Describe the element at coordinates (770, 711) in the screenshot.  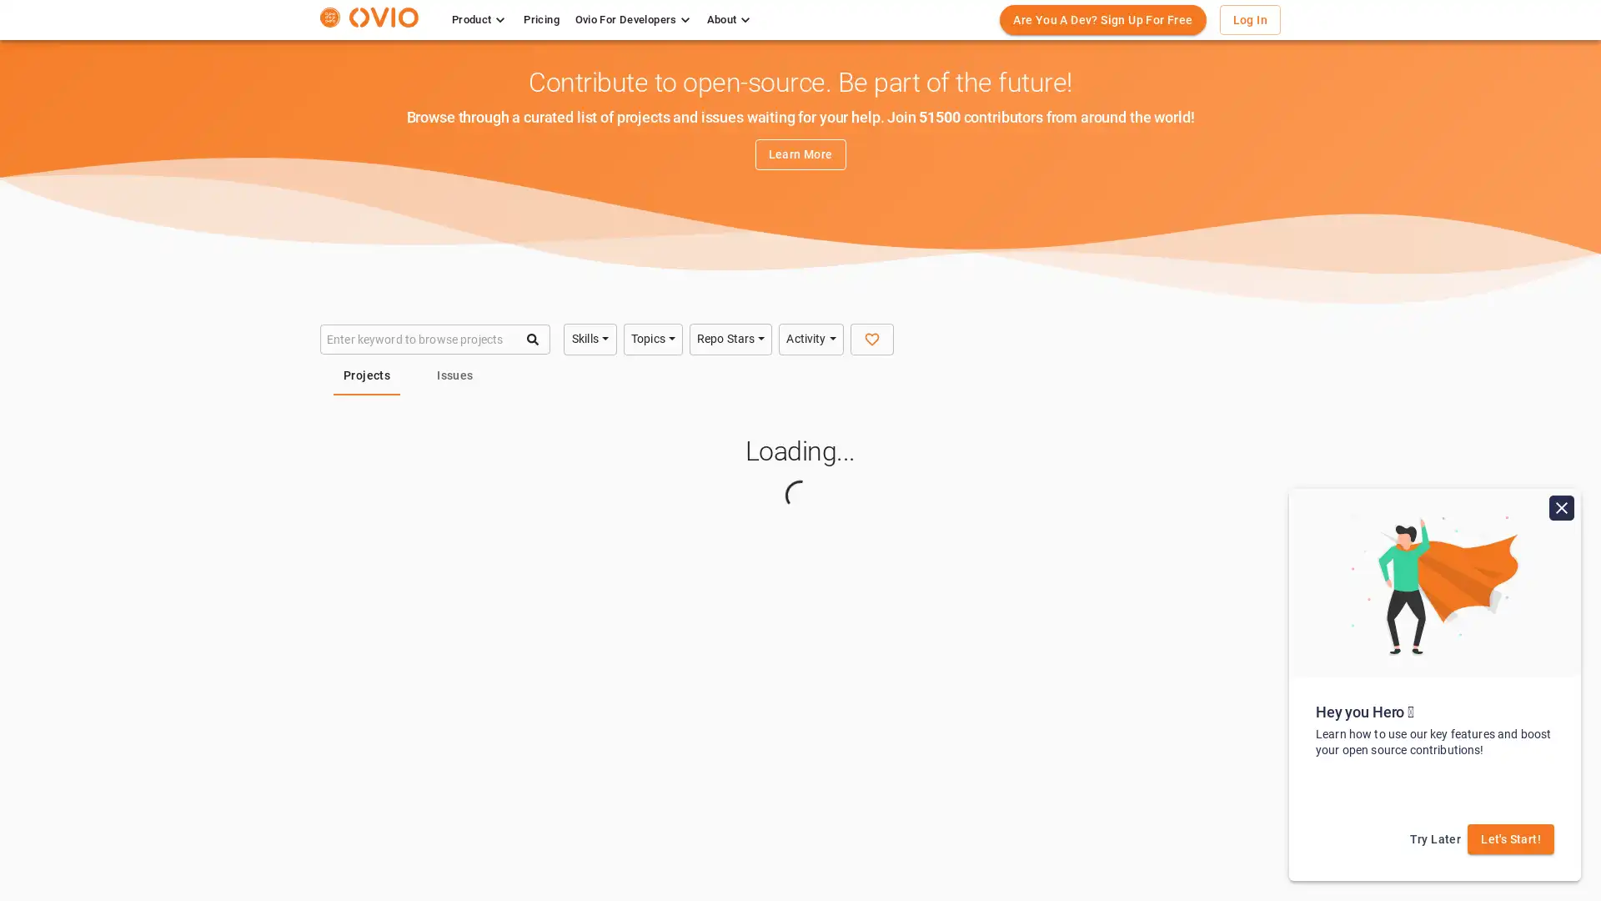
I see `Technology` at that location.